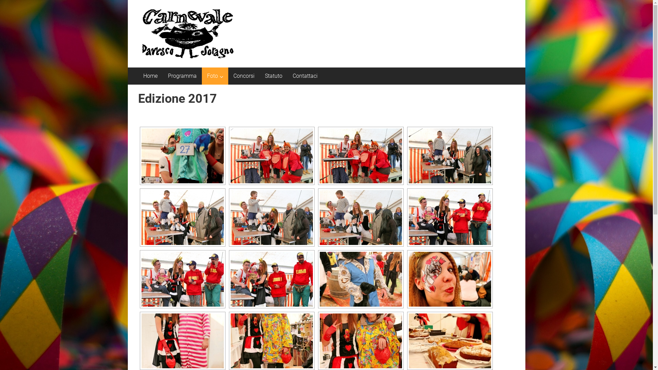  What do you see at coordinates (243, 76) in the screenshot?
I see `'Concorsi'` at bounding box center [243, 76].